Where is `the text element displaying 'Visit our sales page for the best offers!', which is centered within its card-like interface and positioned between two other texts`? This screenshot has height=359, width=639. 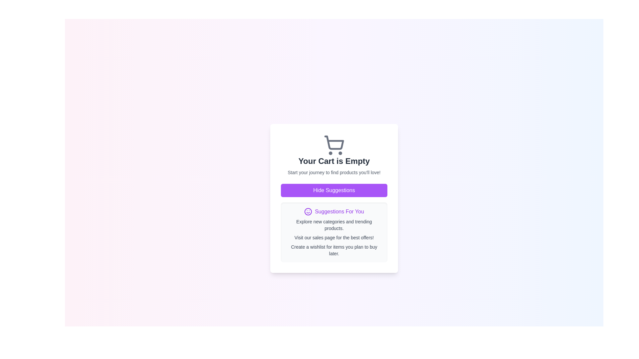
the text element displaying 'Visit our sales page for the best offers!', which is centered within its card-like interface and positioned between two other texts is located at coordinates (334, 237).